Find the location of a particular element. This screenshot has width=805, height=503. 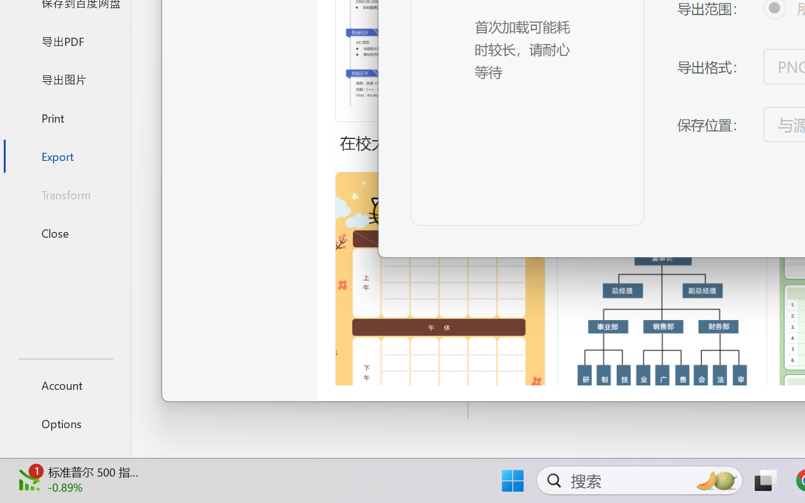

'Export' is located at coordinates (65, 155).